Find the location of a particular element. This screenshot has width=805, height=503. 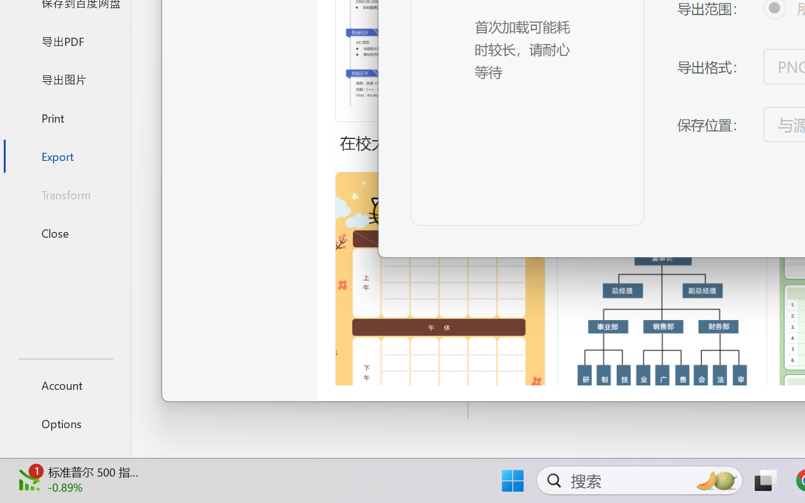

'Export' is located at coordinates (65, 155).